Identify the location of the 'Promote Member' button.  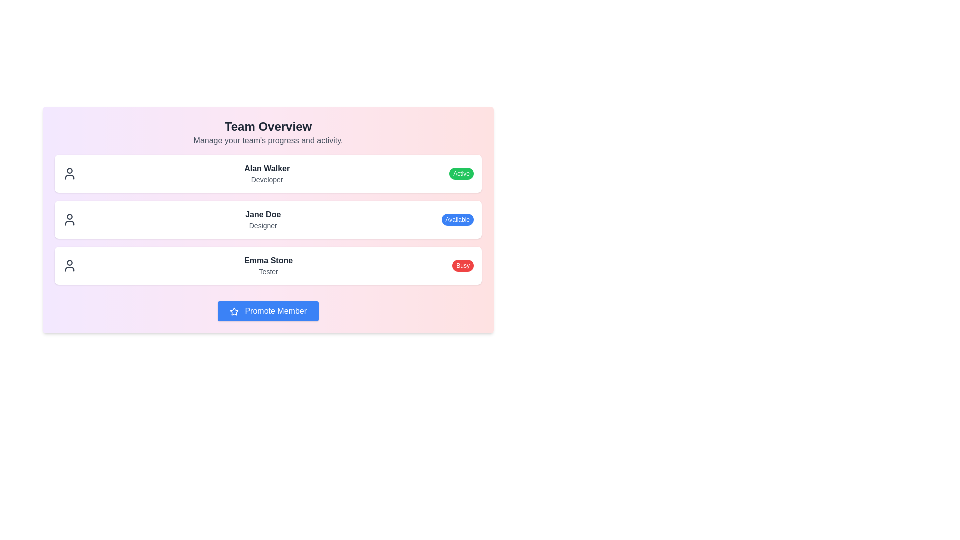
(268, 311).